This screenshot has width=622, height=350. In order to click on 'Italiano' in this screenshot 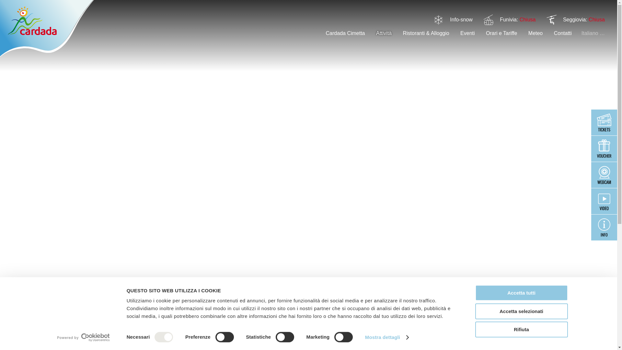, I will do `click(593, 33)`.